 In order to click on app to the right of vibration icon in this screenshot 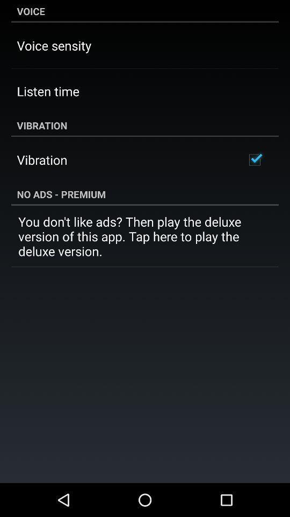, I will do `click(254, 159)`.